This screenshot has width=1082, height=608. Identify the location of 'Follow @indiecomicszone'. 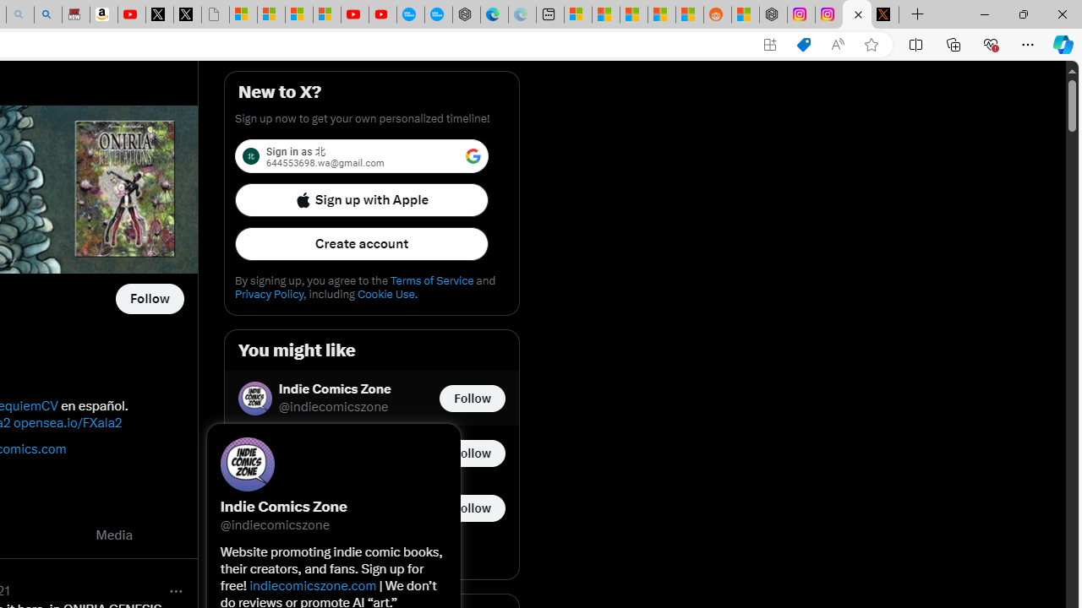
(472, 398).